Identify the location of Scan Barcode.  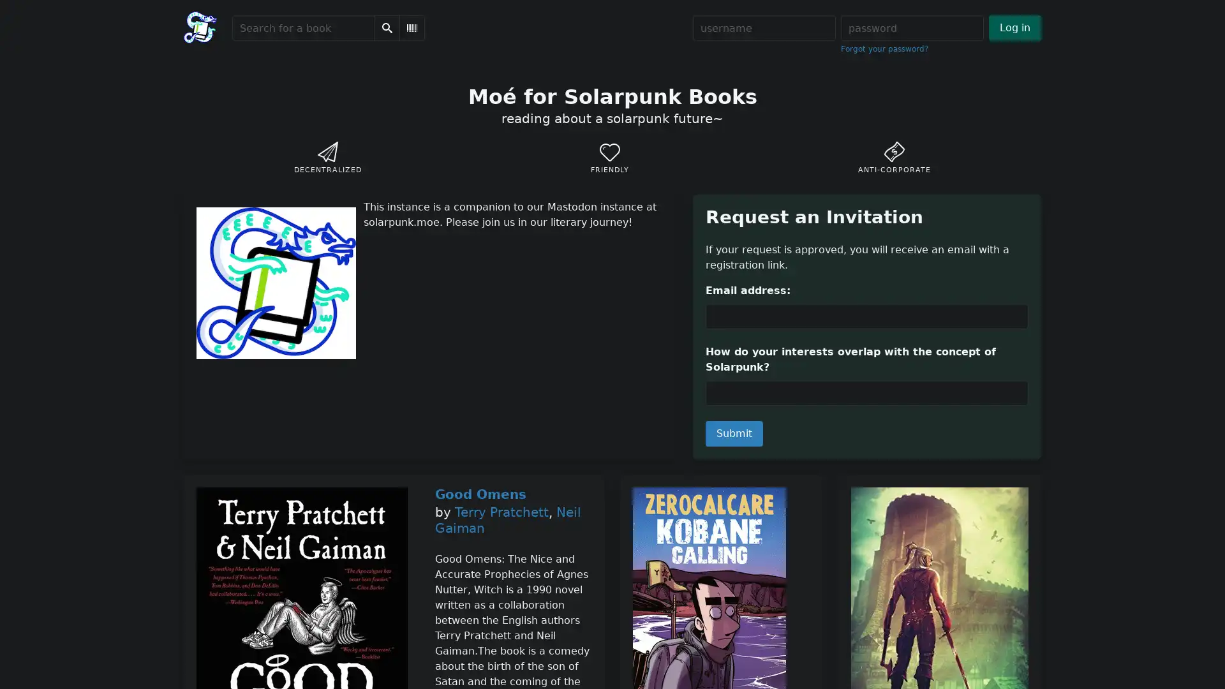
(412, 27).